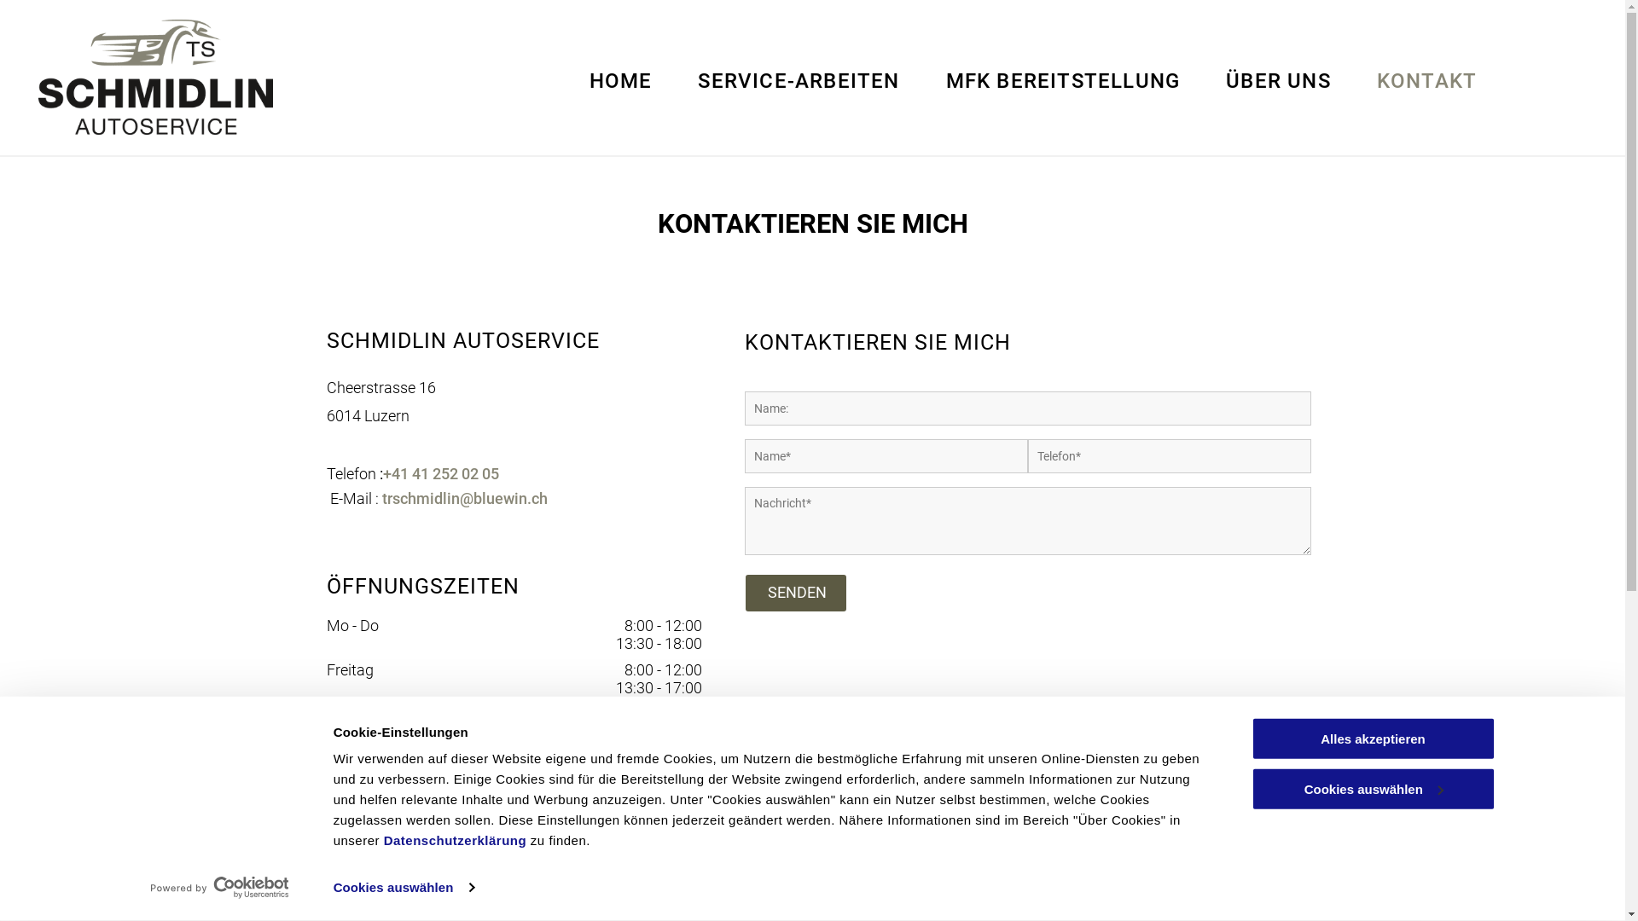 This screenshot has width=1638, height=921. What do you see at coordinates (439, 473) in the screenshot?
I see `'+41 41 252 02 05'` at bounding box center [439, 473].